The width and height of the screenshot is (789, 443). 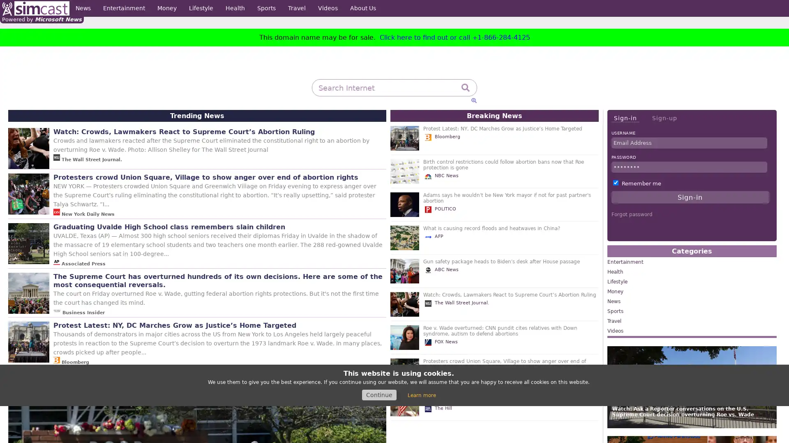 I want to click on Continue, so click(x=378, y=395).